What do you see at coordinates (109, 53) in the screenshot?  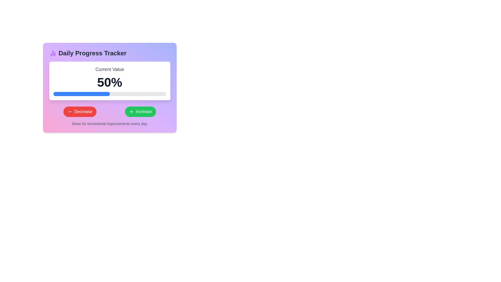 I see `text in the Header section titled 'Daily Progress Tracker', which is located at the top of the display card with an icon to the left` at bounding box center [109, 53].